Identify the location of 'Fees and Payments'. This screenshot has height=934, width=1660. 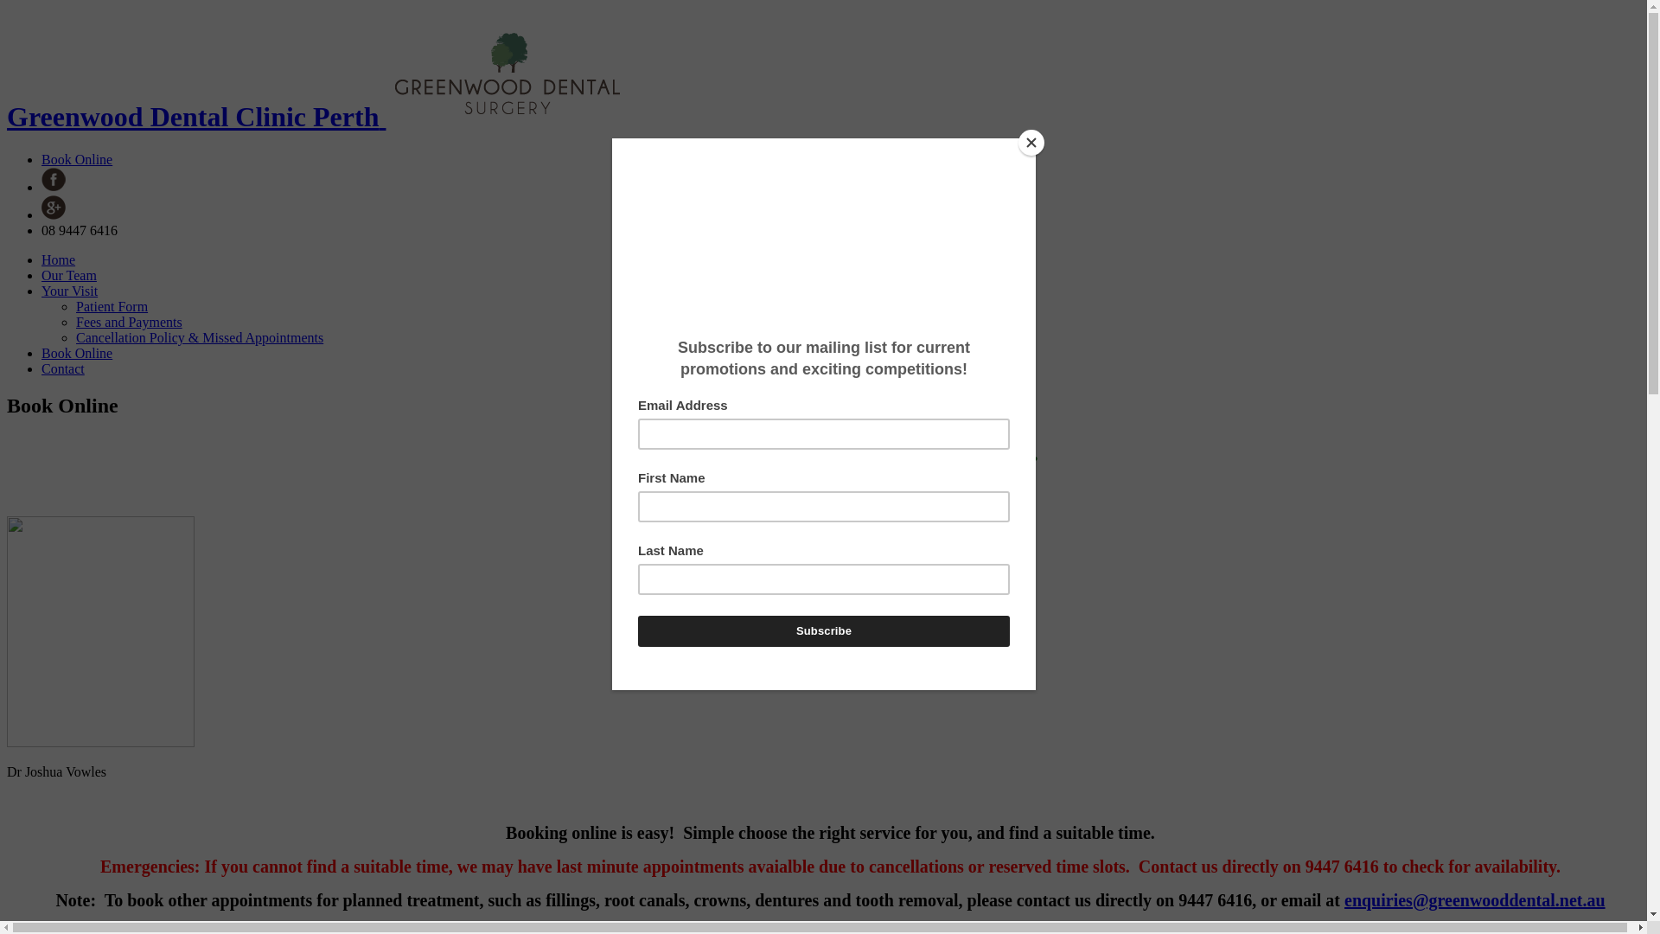
(128, 322).